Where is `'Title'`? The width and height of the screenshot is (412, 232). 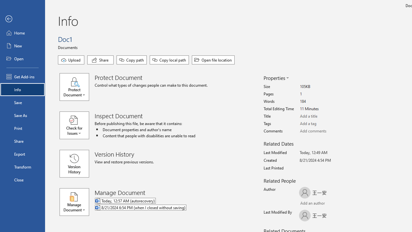
'Title' is located at coordinates (324, 116).